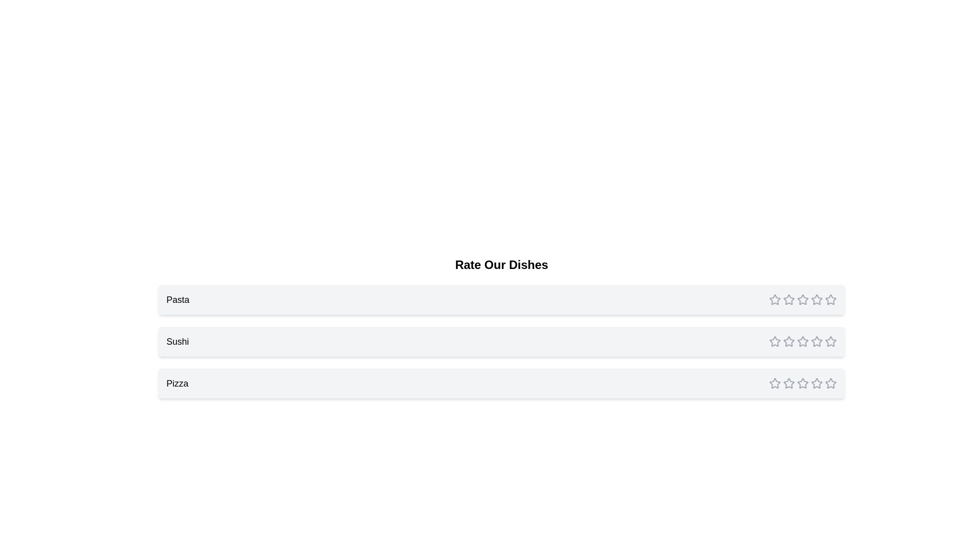 The height and width of the screenshot is (538, 957). I want to click on the second star icon in the rating control for the 'Pasta' entry to set the rating to two stars, so click(789, 299).